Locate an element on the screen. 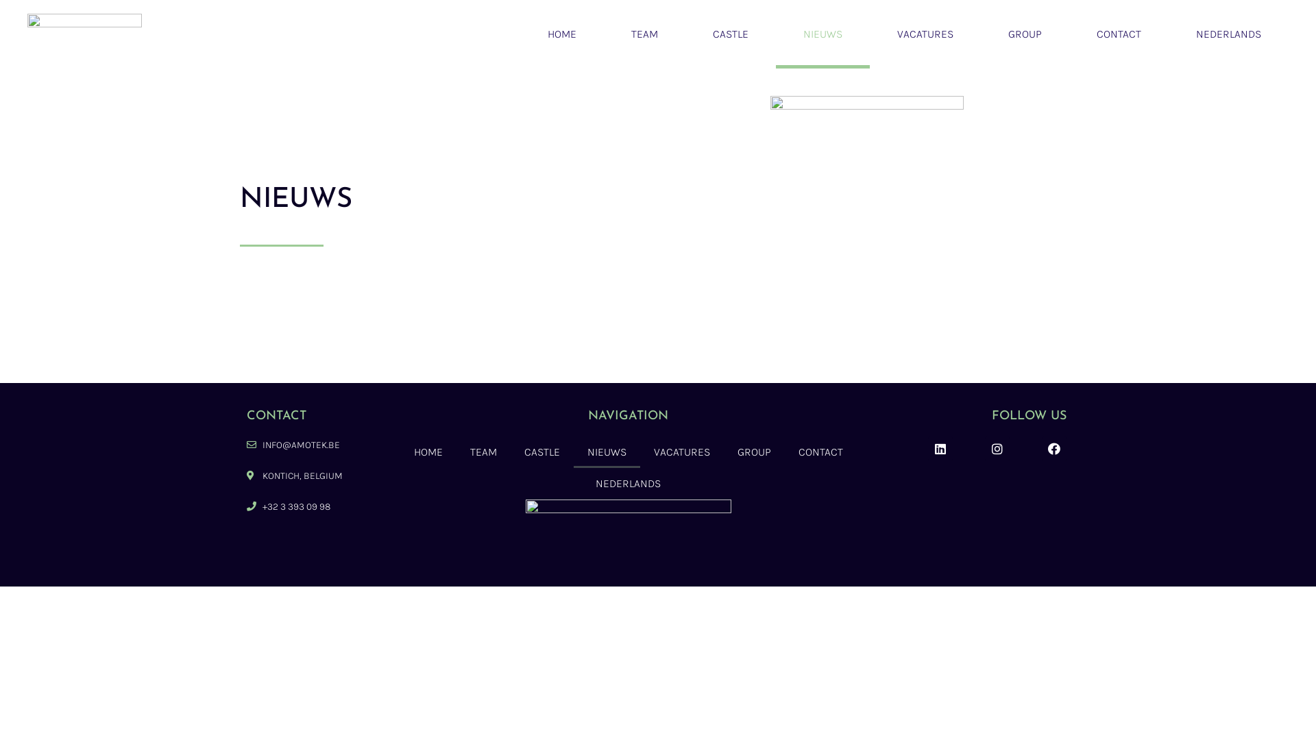 Image resolution: width=1316 pixels, height=740 pixels. 'GROUP' is located at coordinates (1025, 34).